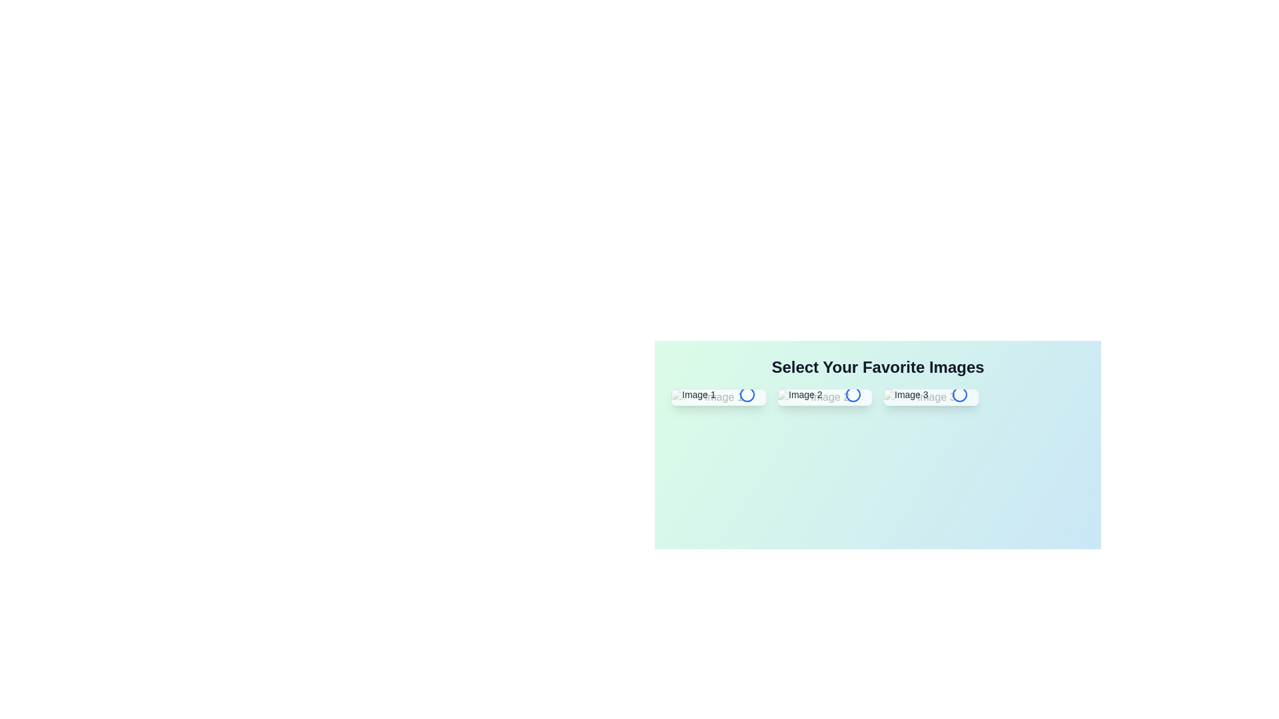 The height and width of the screenshot is (719, 1279). I want to click on selection icon button for the image tile labeled Image 3, so click(959, 394).